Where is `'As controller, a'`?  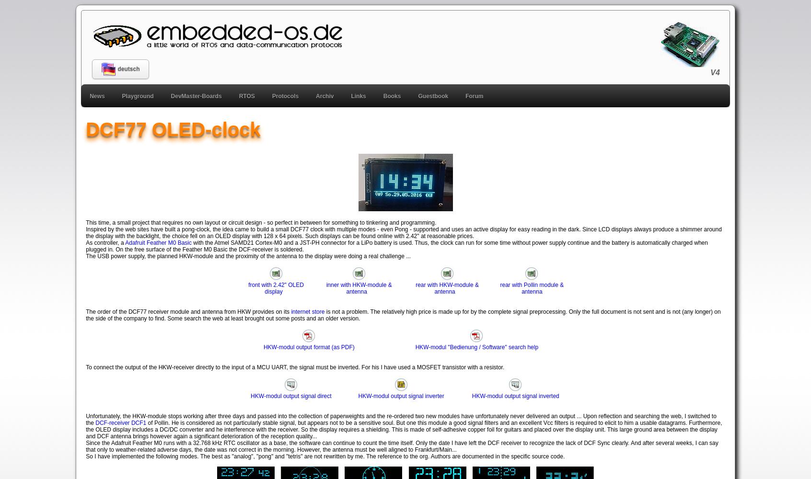 'As controller, a' is located at coordinates (105, 242).